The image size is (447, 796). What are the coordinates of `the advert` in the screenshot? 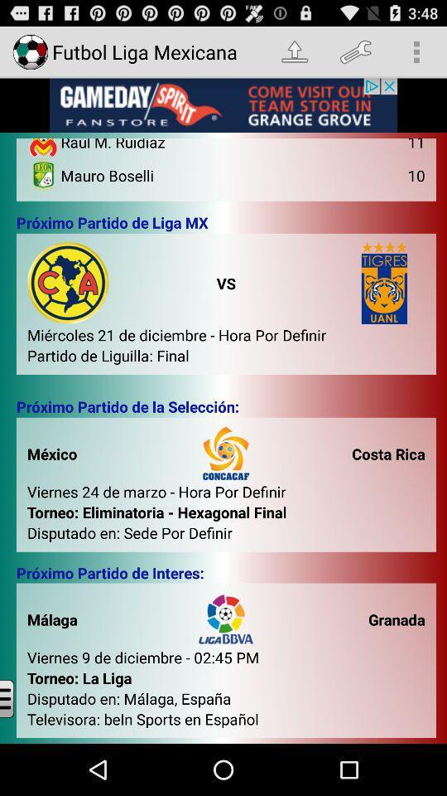 It's located at (223, 104).